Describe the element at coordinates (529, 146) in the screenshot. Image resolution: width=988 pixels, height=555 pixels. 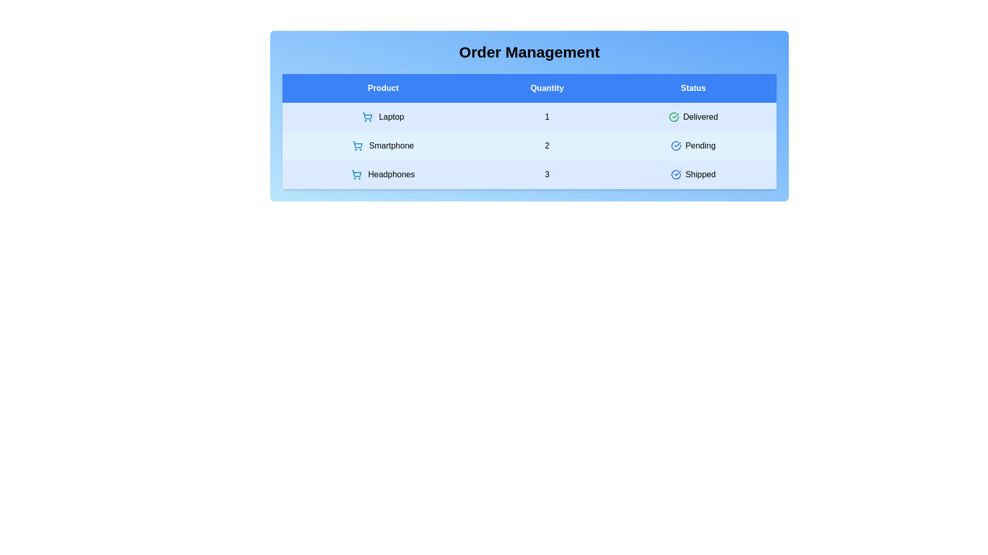
I see `the row corresponding to Smartphone to highlight it` at that location.